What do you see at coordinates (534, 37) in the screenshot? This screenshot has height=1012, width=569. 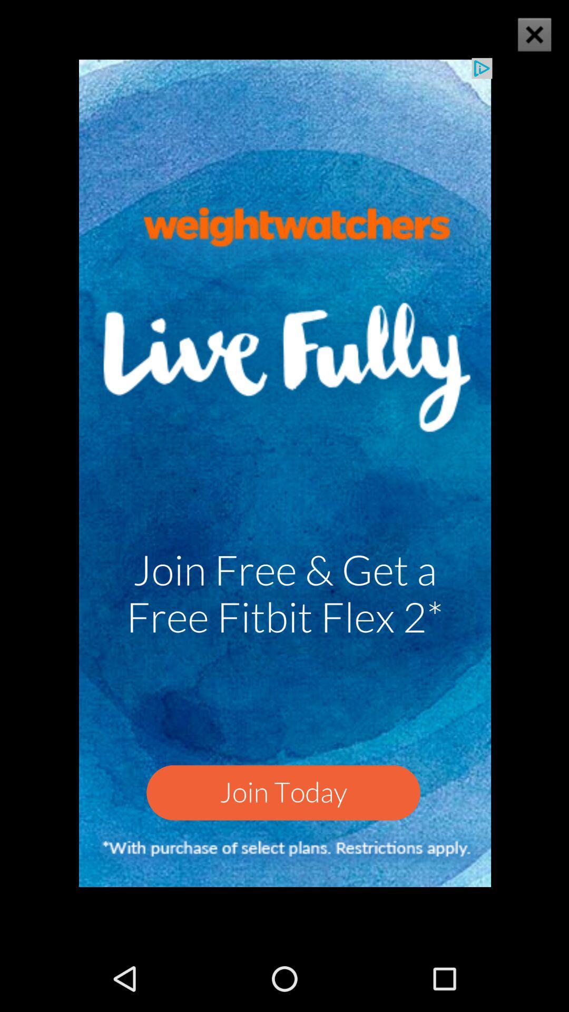 I see `the close icon` at bounding box center [534, 37].